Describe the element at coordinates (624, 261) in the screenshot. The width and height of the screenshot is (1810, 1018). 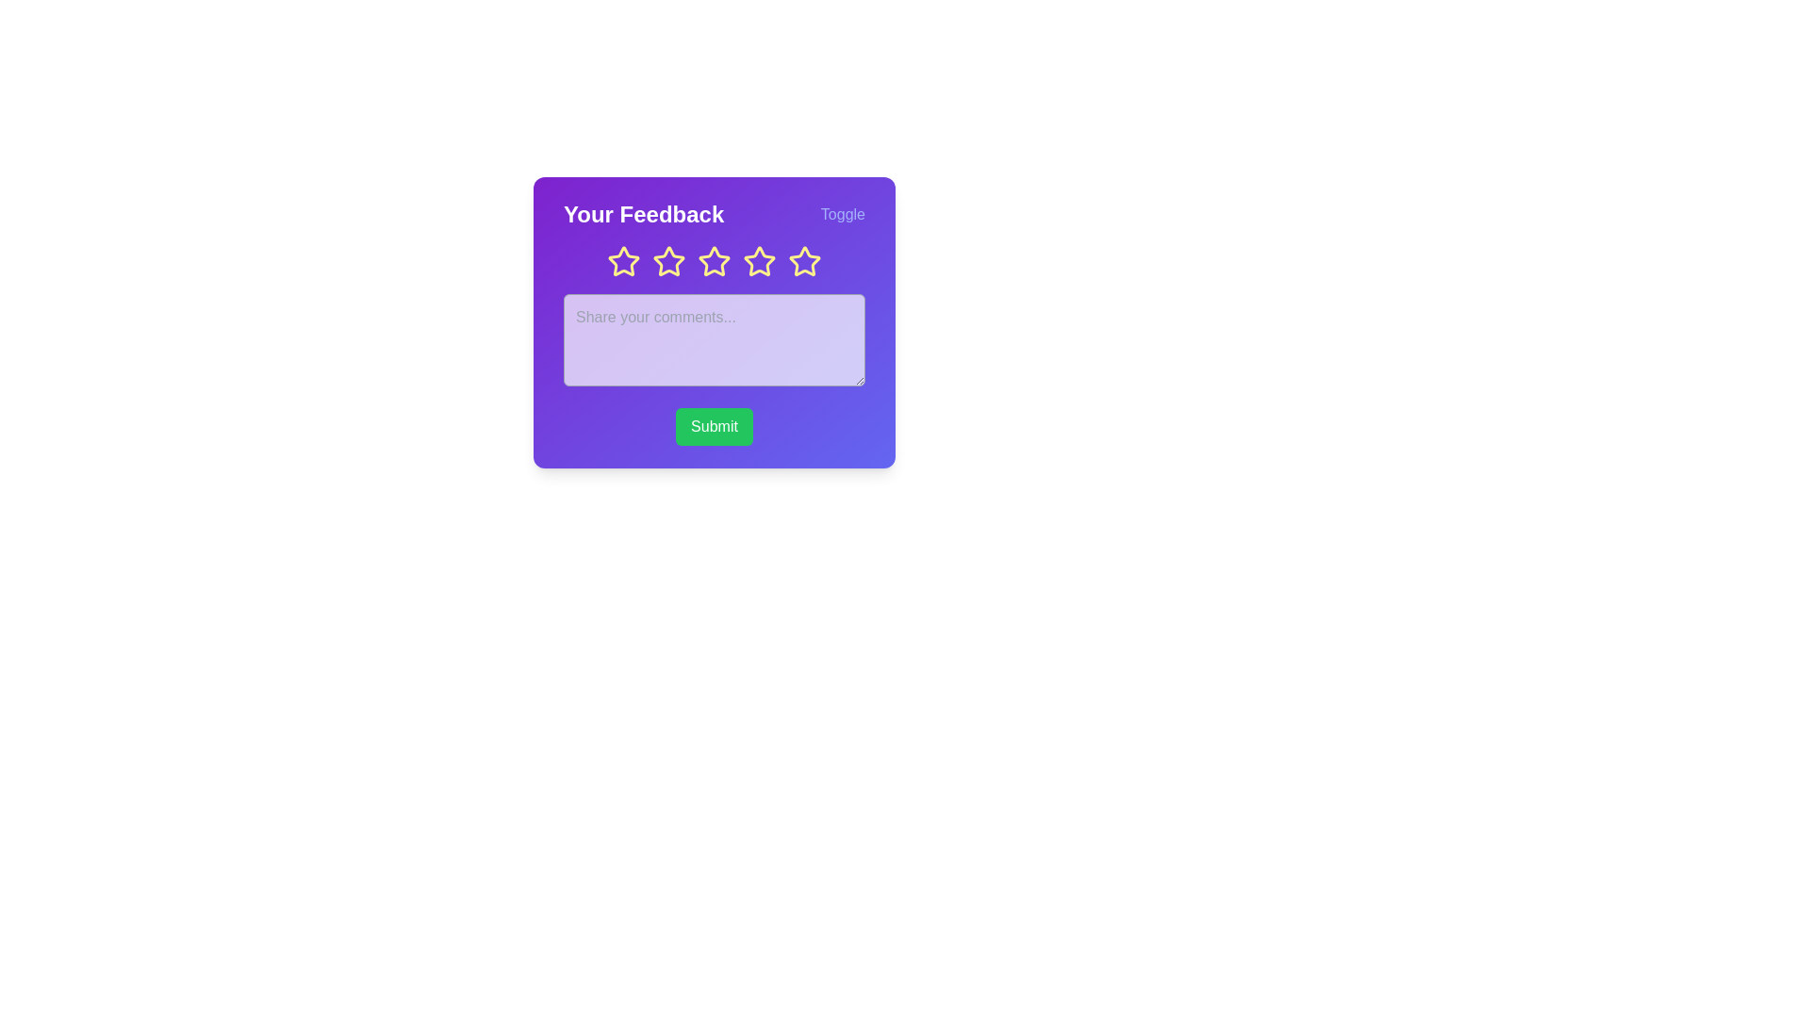
I see `the second star in the star rating component located beneath the 'Your Feedback' label` at that location.